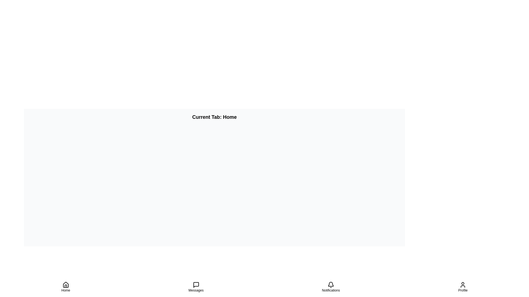 The image size is (529, 297). What do you see at coordinates (66, 290) in the screenshot?
I see `the 'Home' text label located below the house-shaped icon in the bottom navigation bar` at bounding box center [66, 290].